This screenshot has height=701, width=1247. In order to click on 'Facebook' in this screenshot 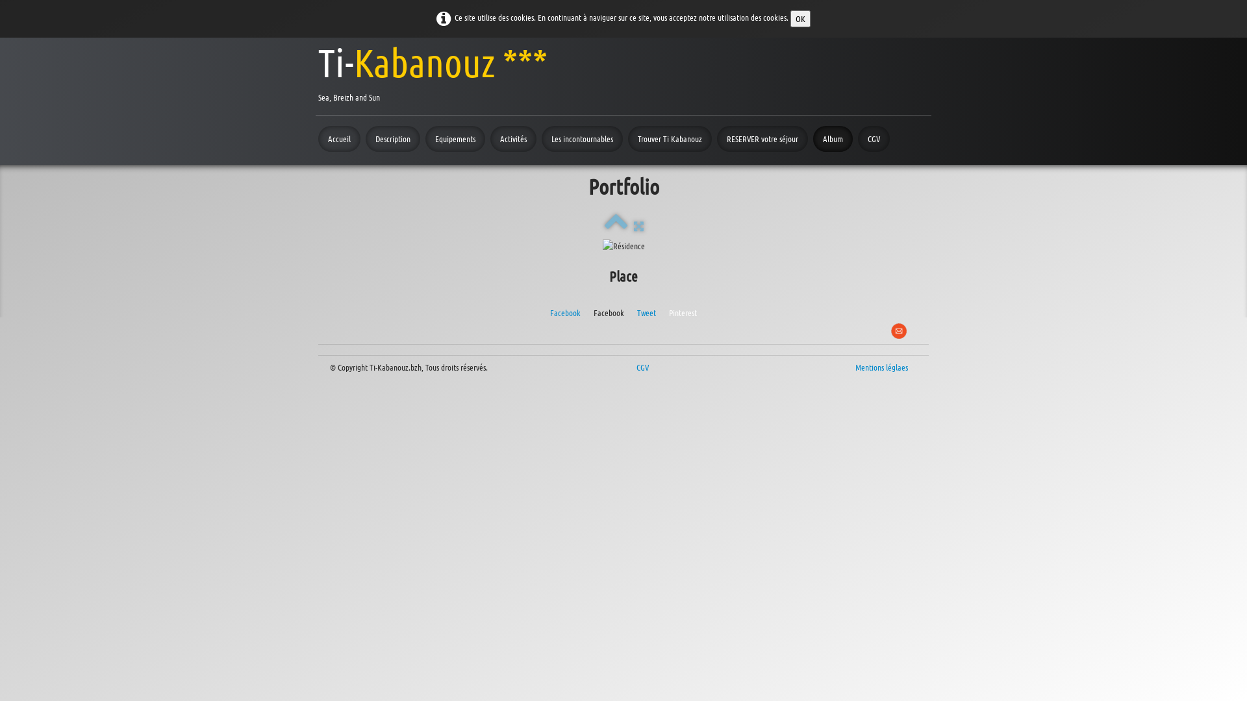, I will do `click(565, 312)`.